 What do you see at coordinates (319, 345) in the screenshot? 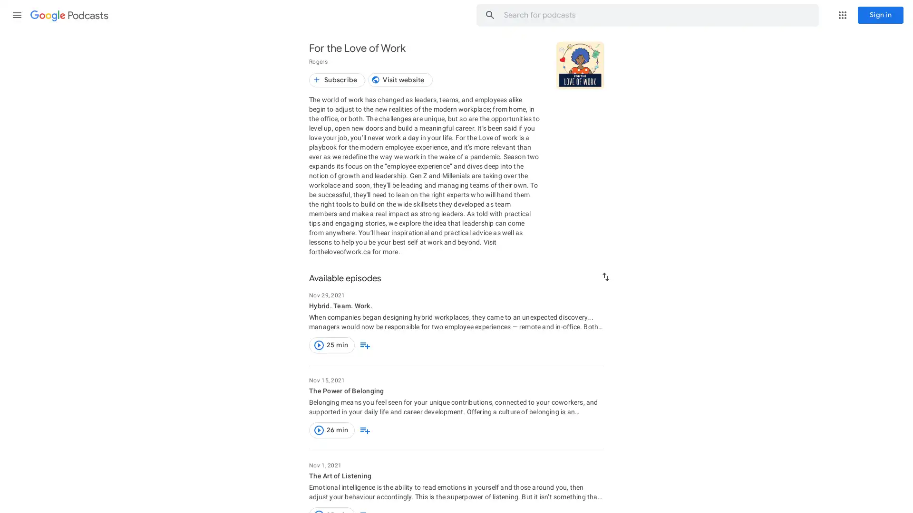
I see `Play this episode` at bounding box center [319, 345].